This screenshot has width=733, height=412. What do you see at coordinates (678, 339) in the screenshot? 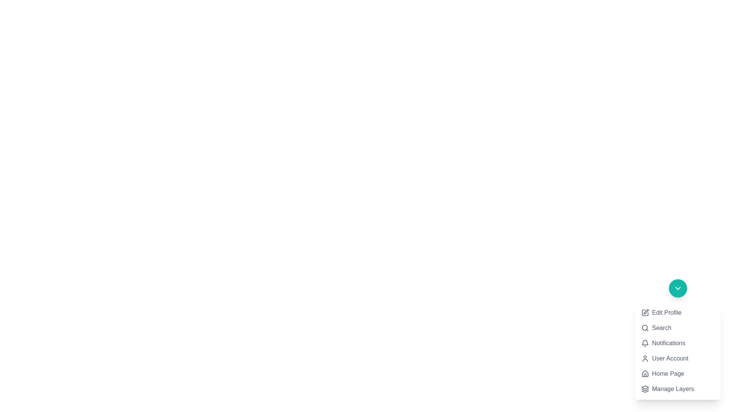
I see `the third menu item in the vertical menu list that navigates to the Notifications page, which is located between 'Search' and 'User Account'` at bounding box center [678, 339].